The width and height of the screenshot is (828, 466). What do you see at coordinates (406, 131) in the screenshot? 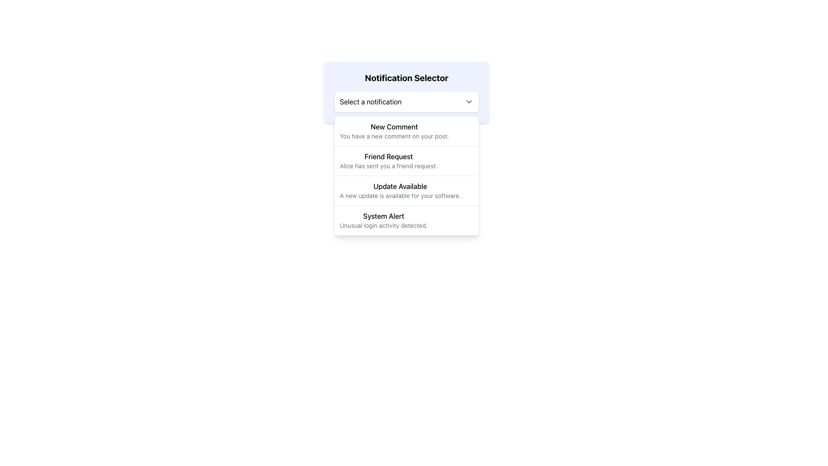
I see `the first notification item titled 'New Comment' for keyboard navigation` at bounding box center [406, 131].